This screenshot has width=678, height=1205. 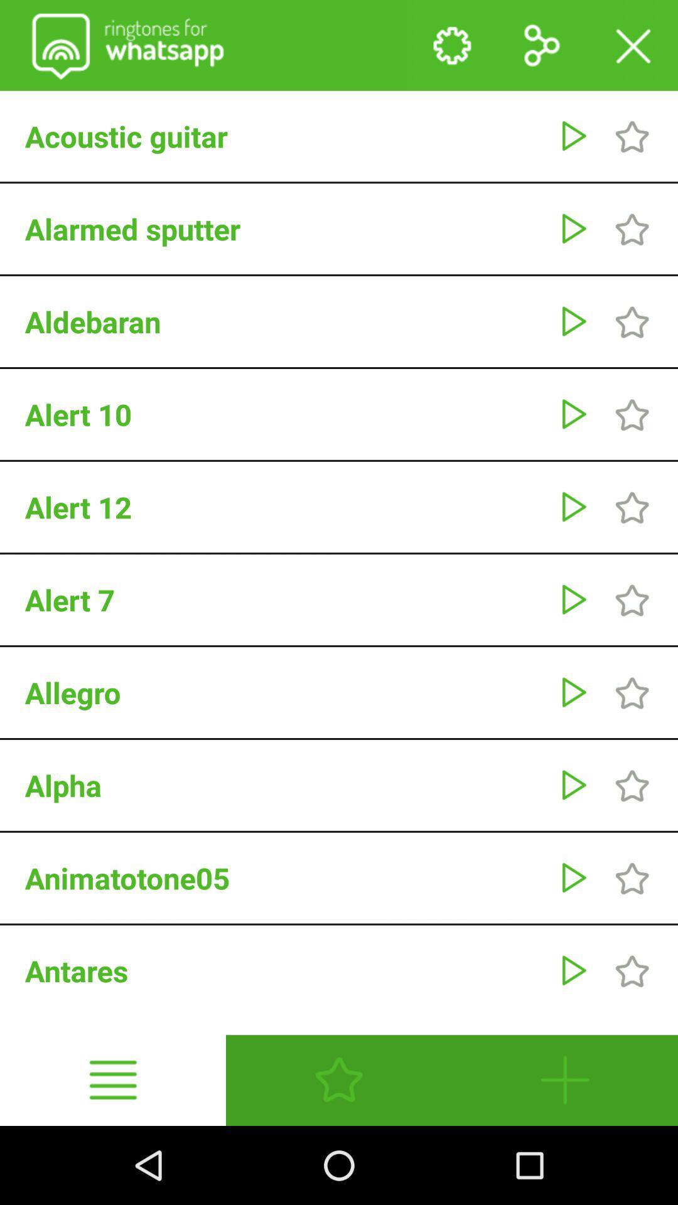 I want to click on acoustic guitar, so click(x=285, y=136).